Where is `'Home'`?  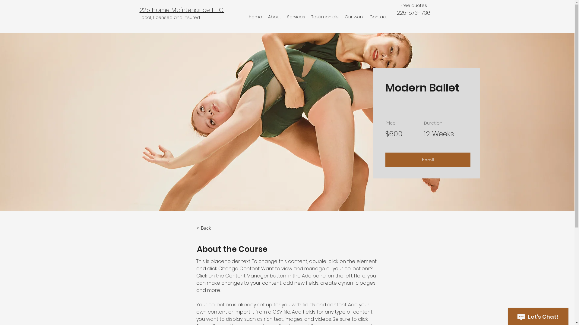
'Home' is located at coordinates (255, 17).